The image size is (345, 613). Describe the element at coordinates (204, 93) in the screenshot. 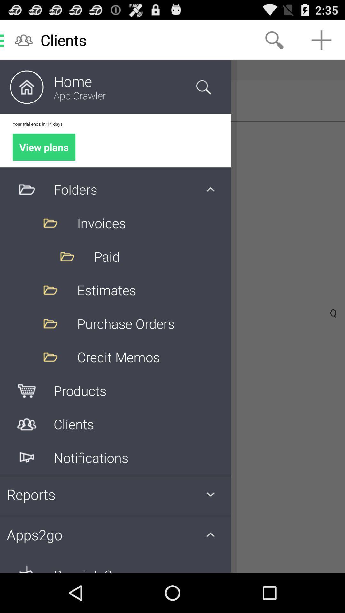

I see `the search icon` at that location.